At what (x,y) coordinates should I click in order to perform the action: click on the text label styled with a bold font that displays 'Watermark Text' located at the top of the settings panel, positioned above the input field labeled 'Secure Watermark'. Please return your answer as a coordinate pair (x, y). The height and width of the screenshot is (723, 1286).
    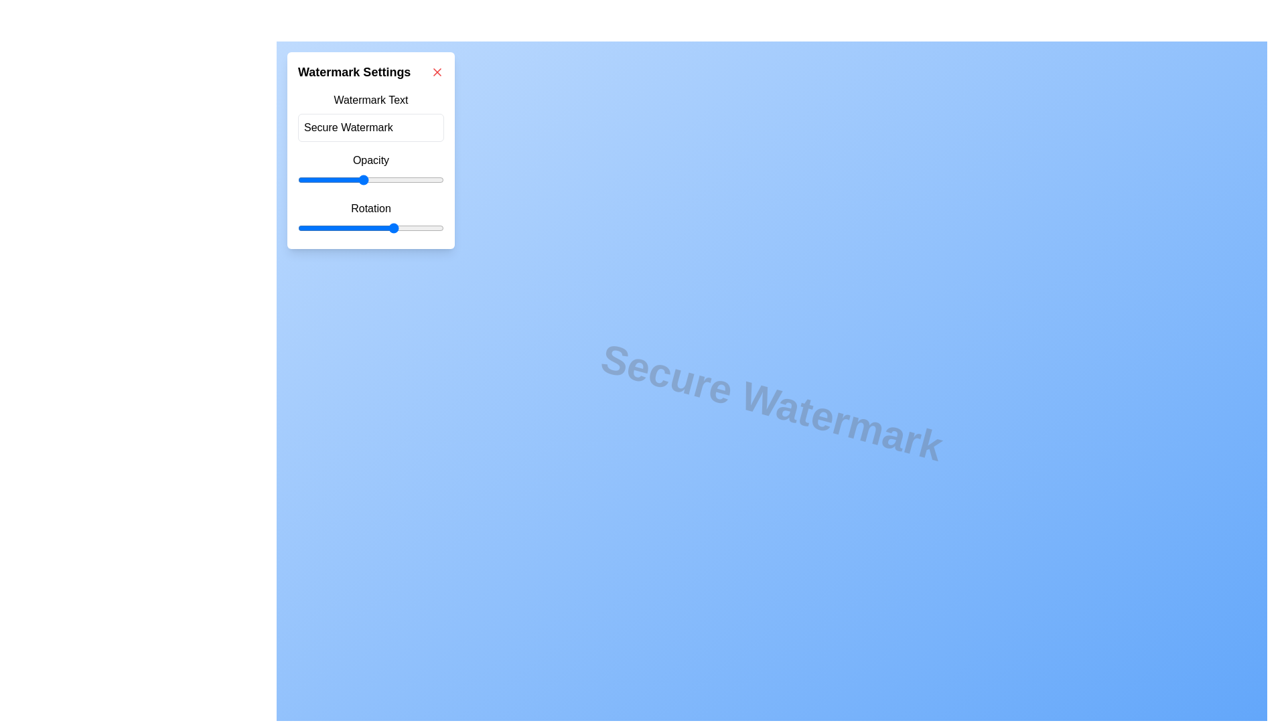
    Looking at the image, I should click on (370, 100).